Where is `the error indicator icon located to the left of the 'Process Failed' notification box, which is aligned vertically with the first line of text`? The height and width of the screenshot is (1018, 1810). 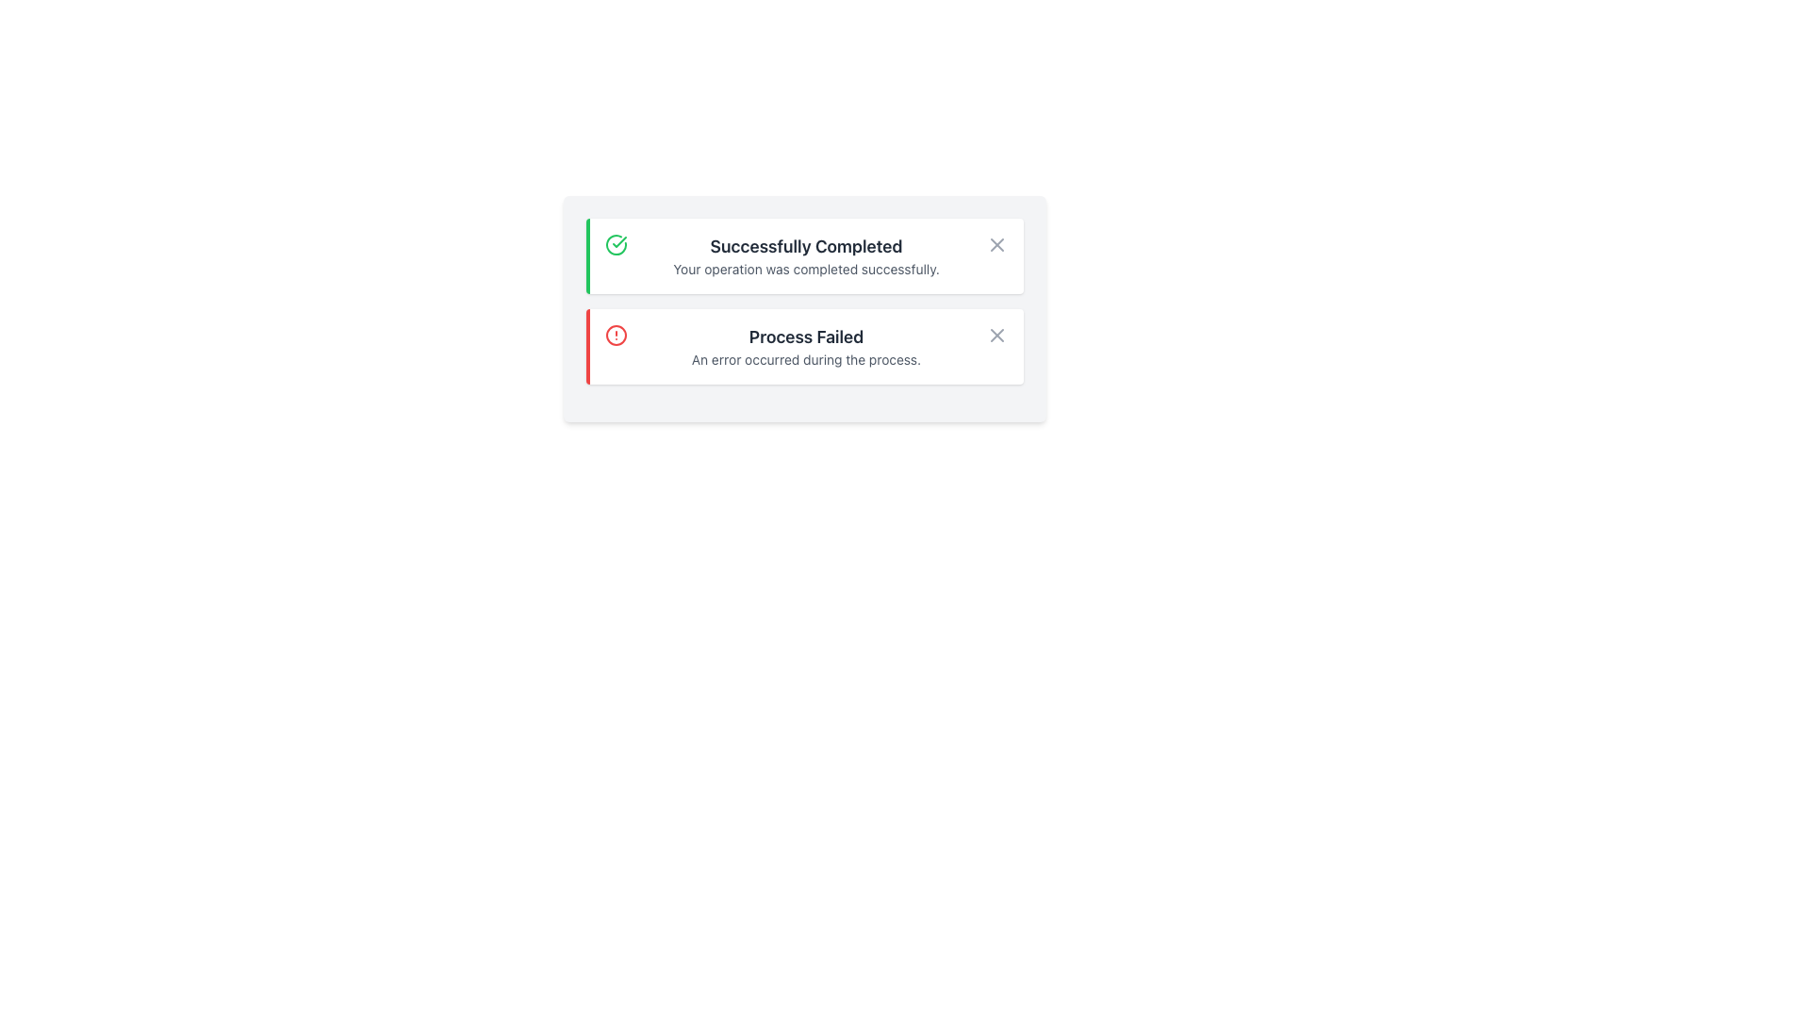 the error indicator icon located to the left of the 'Process Failed' notification box, which is aligned vertically with the first line of text is located at coordinates (616, 334).